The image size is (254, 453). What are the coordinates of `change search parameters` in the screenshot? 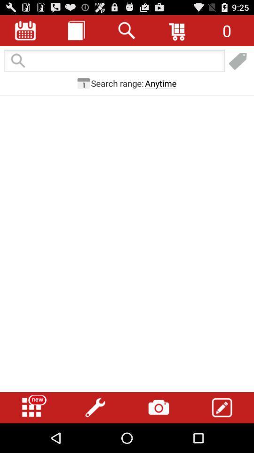 It's located at (83, 83).